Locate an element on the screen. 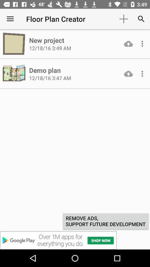  open new project settings is located at coordinates (142, 43).